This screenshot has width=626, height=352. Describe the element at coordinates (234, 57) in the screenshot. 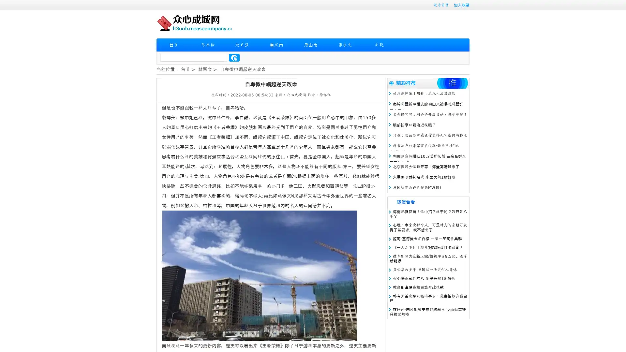

I see `Search` at that location.